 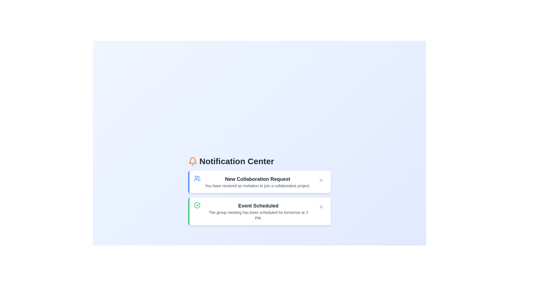 I want to click on the Icon that indicates a completed or successful action within the 'Event Scheduled' notification card, located to the left of the textual content, so click(x=197, y=205).